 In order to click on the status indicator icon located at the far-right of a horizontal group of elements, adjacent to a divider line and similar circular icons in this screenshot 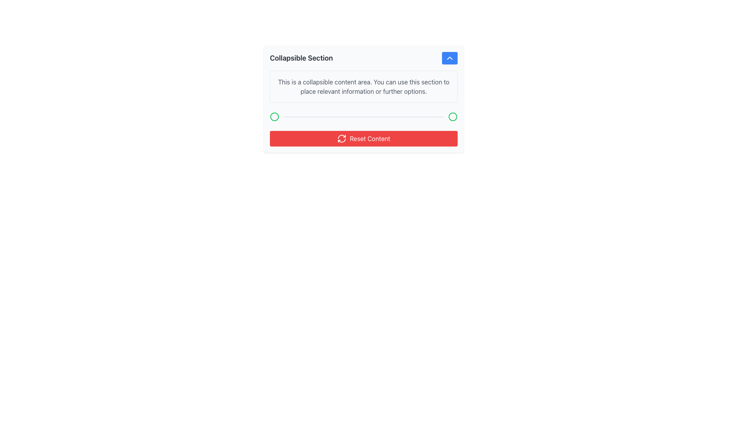, I will do `click(453, 117)`.